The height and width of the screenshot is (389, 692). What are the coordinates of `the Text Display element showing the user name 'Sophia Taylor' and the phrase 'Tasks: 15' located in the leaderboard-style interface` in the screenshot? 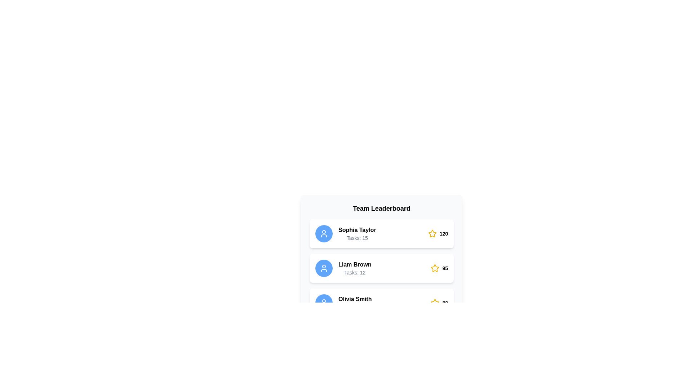 It's located at (357, 233).